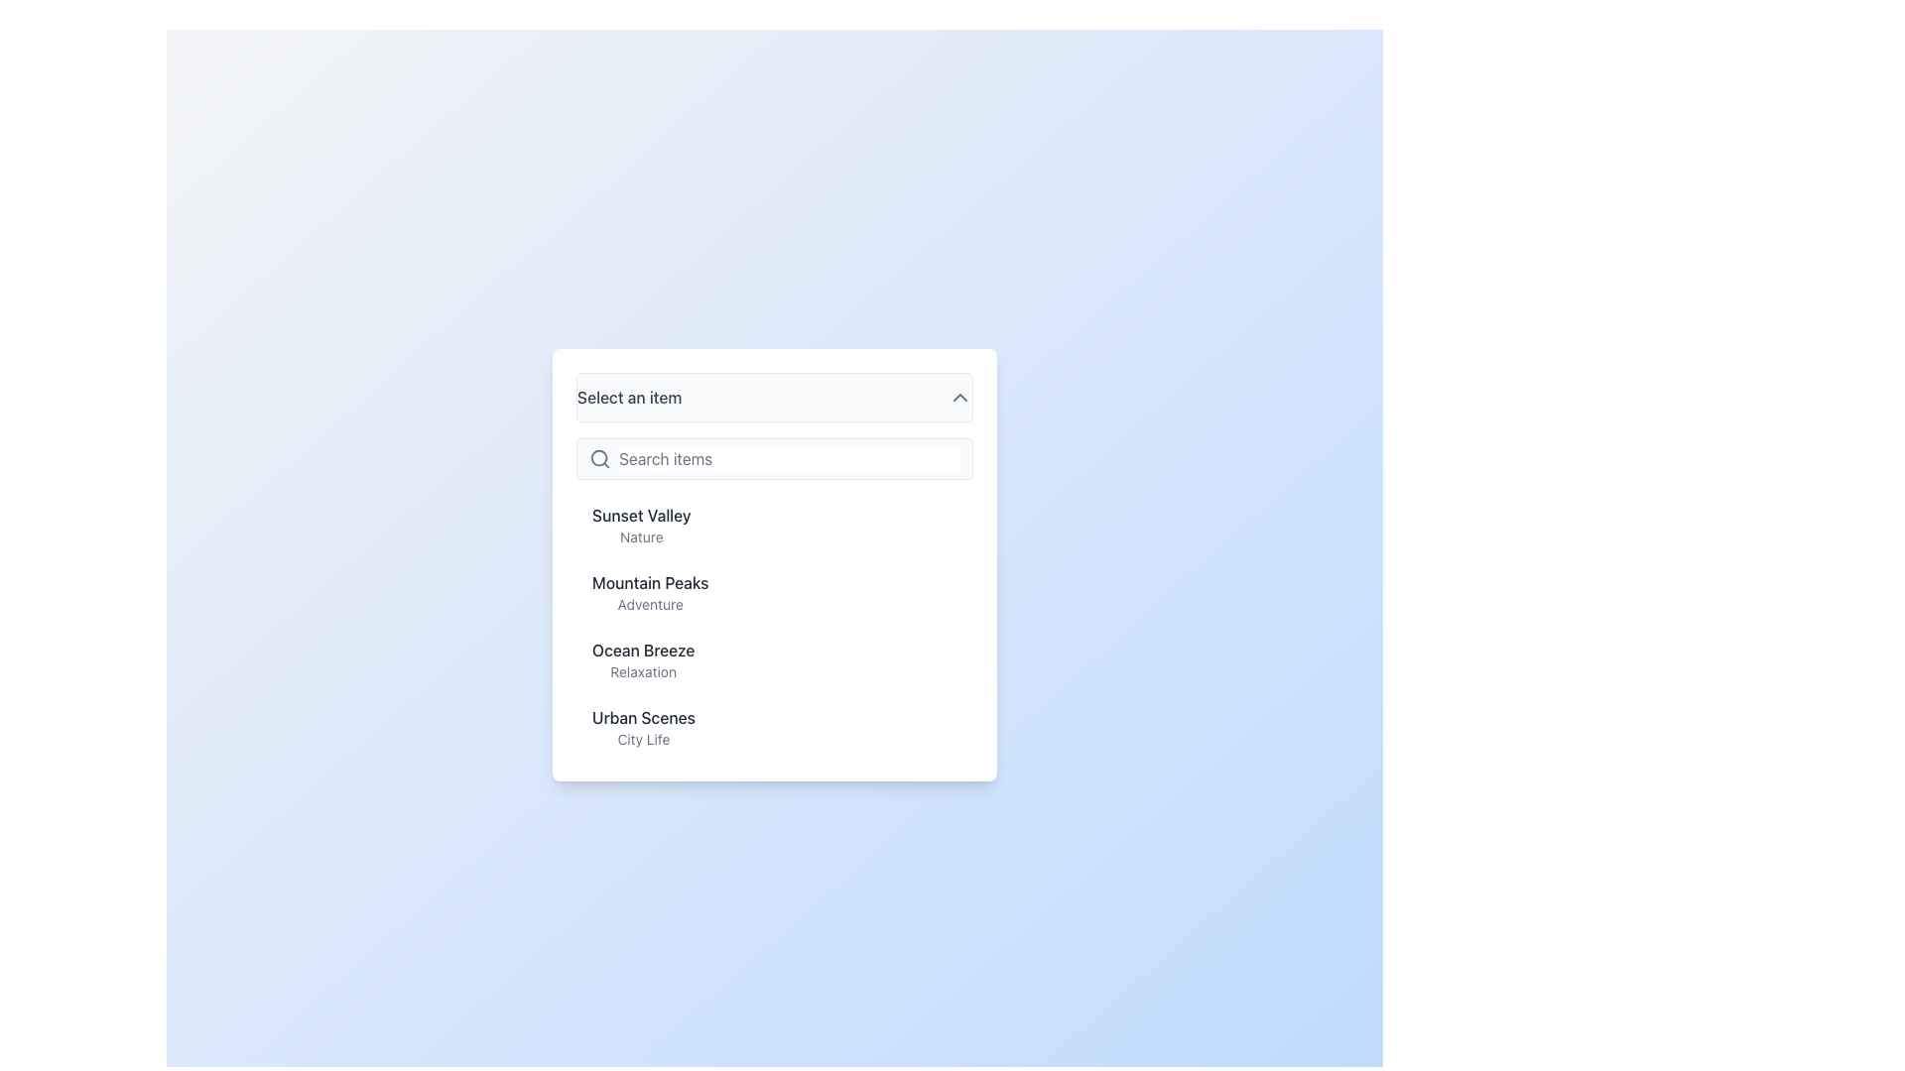 The width and height of the screenshot is (1905, 1071). Describe the element at coordinates (774, 591) in the screenshot. I see `the 'Mountain Peaks' menu item, which is the second item in the vertical list, located below 'Sunset Valley' and above 'Ocean Breeze'` at that location.